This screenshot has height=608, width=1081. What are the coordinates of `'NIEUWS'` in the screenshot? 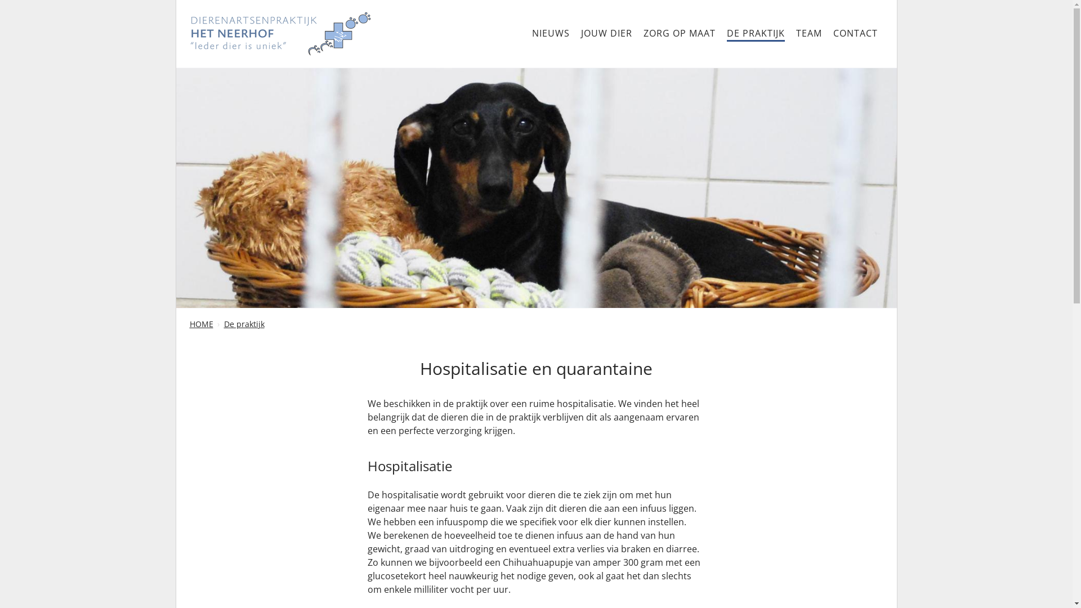 It's located at (550, 33).